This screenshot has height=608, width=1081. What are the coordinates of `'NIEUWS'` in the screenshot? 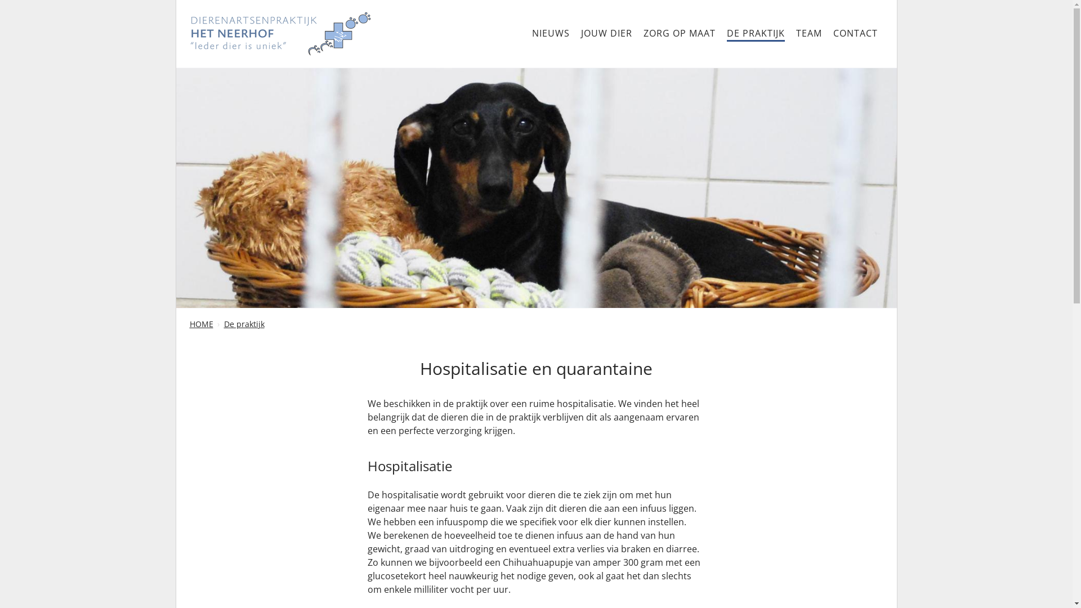 It's located at (550, 33).